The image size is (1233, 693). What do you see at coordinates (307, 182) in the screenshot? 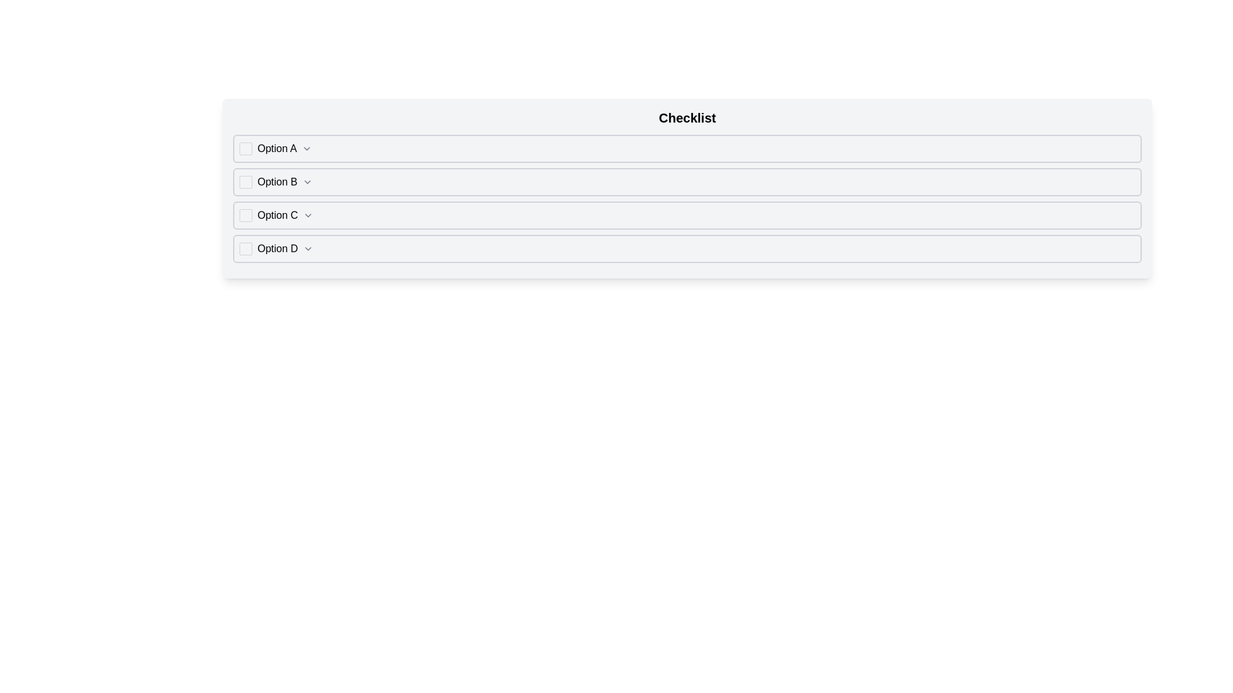
I see `the downward-pointing chevron icon located at the far-right end of the 'Option B' row, indicating an expandable item` at bounding box center [307, 182].